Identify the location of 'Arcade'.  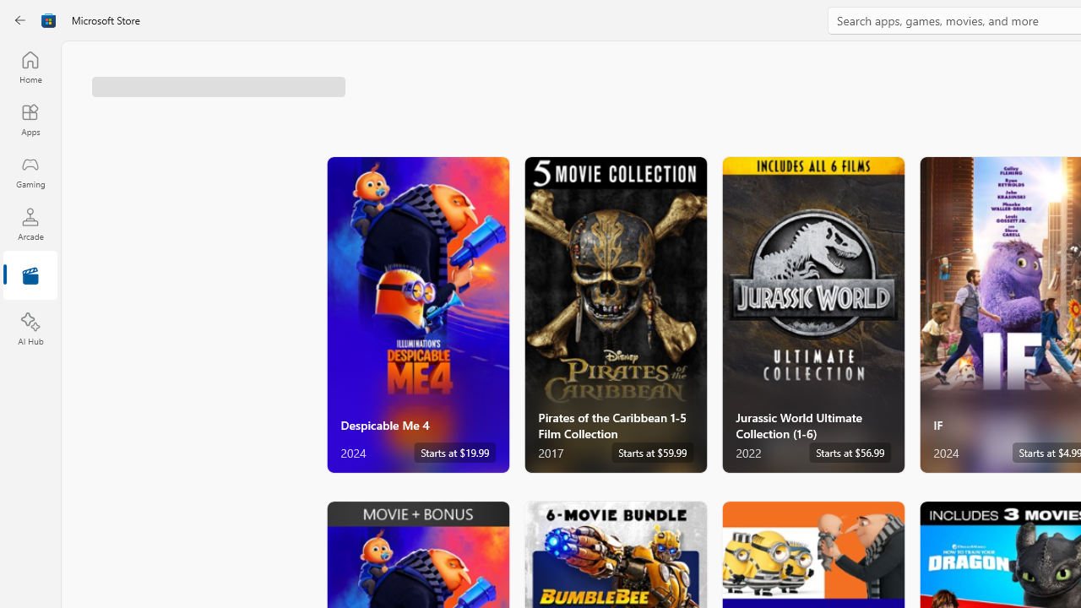
(30, 223).